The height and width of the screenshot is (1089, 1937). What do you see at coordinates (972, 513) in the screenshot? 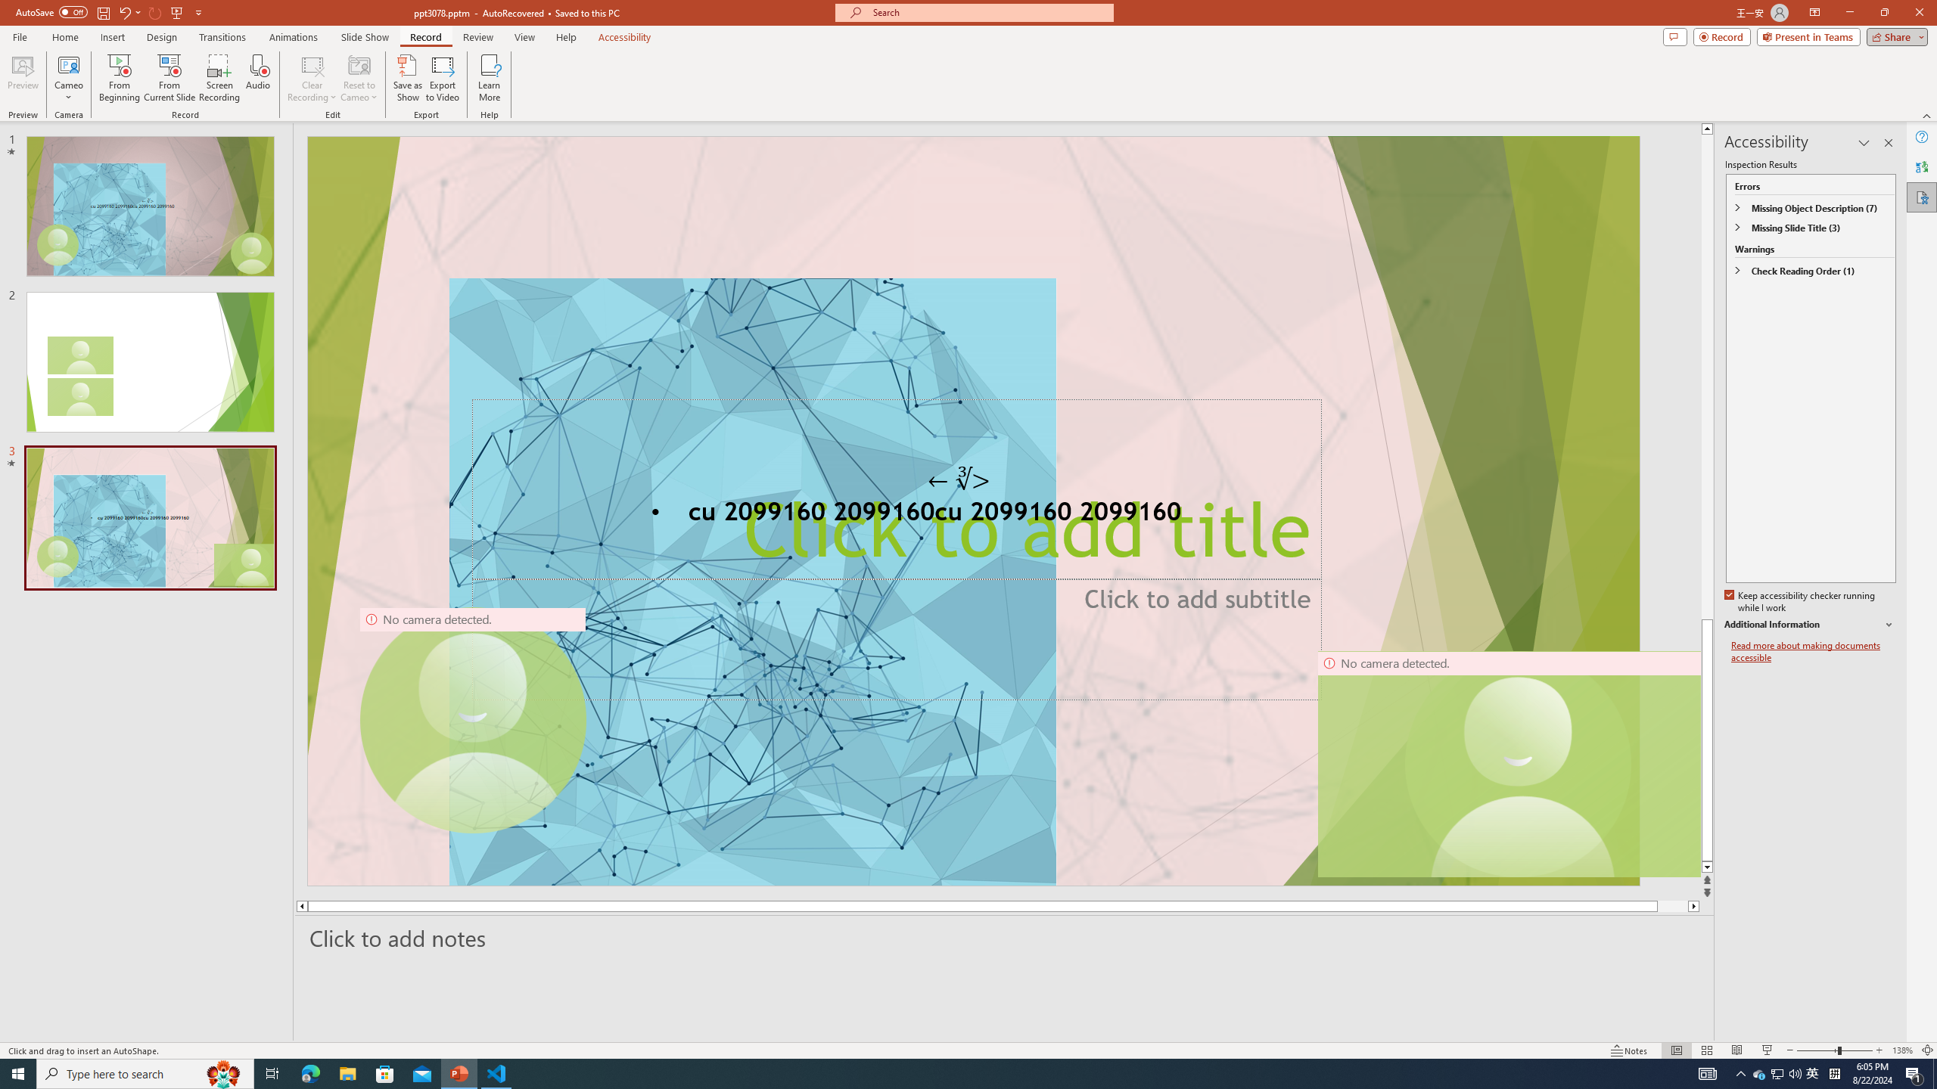
I see `'TextBox 61'` at bounding box center [972, 513].